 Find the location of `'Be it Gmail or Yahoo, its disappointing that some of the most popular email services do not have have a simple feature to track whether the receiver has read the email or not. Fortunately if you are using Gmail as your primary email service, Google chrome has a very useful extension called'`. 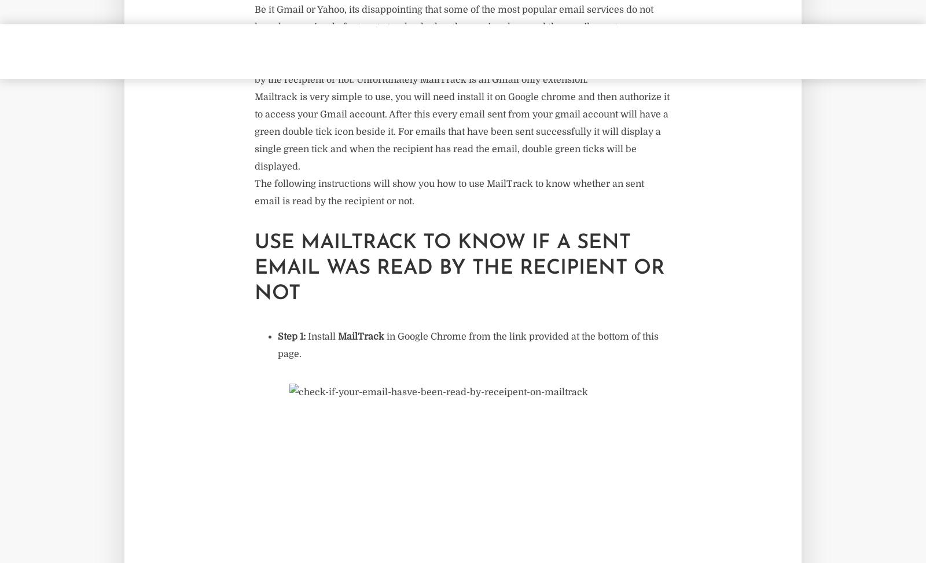

'Be it Gmail or Yahoo, its disappointing that some of the most popular email services do not have have a simple feature to track whether the receiver has read the email or not. Fortunately if you are using Gmail as your primary email service, Google chrome has a very useful extension called' is located at coordinates (458, 35).